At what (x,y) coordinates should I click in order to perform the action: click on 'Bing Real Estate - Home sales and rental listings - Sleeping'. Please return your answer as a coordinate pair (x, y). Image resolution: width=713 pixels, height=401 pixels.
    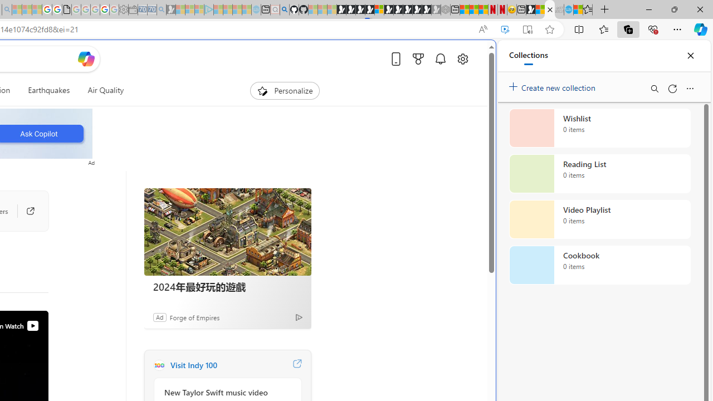
    Looking at the image, I should click on (160, 9).